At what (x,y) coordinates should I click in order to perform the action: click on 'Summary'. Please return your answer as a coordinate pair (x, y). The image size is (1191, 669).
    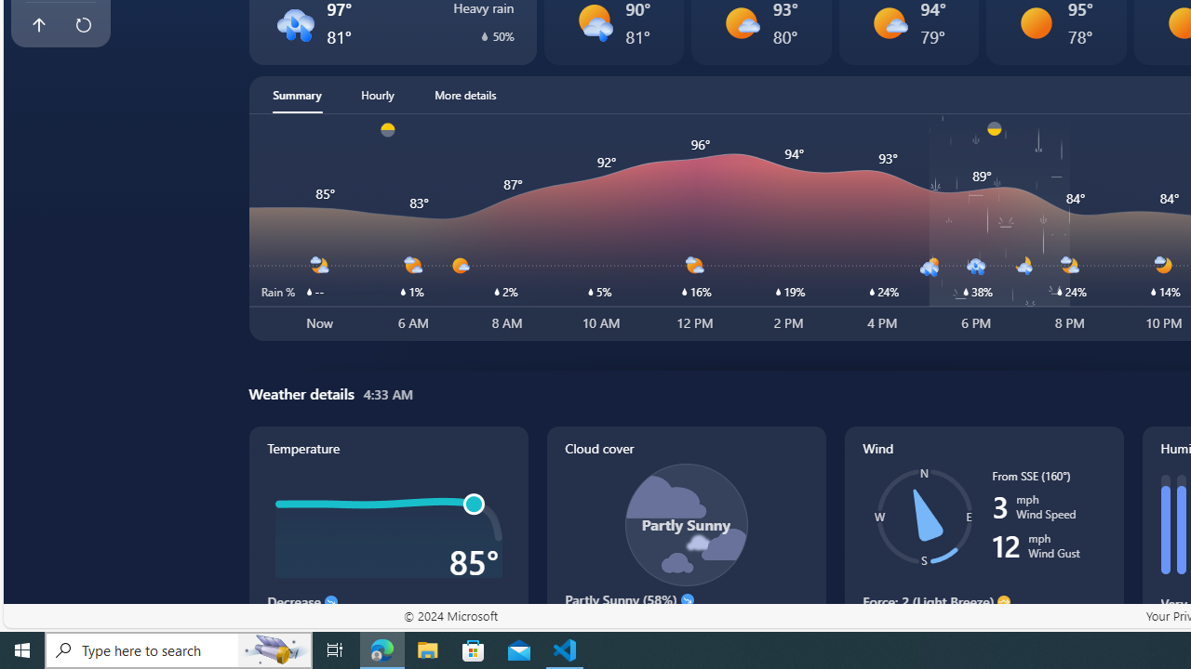
    Looking at the image, I should click on (296, 94).